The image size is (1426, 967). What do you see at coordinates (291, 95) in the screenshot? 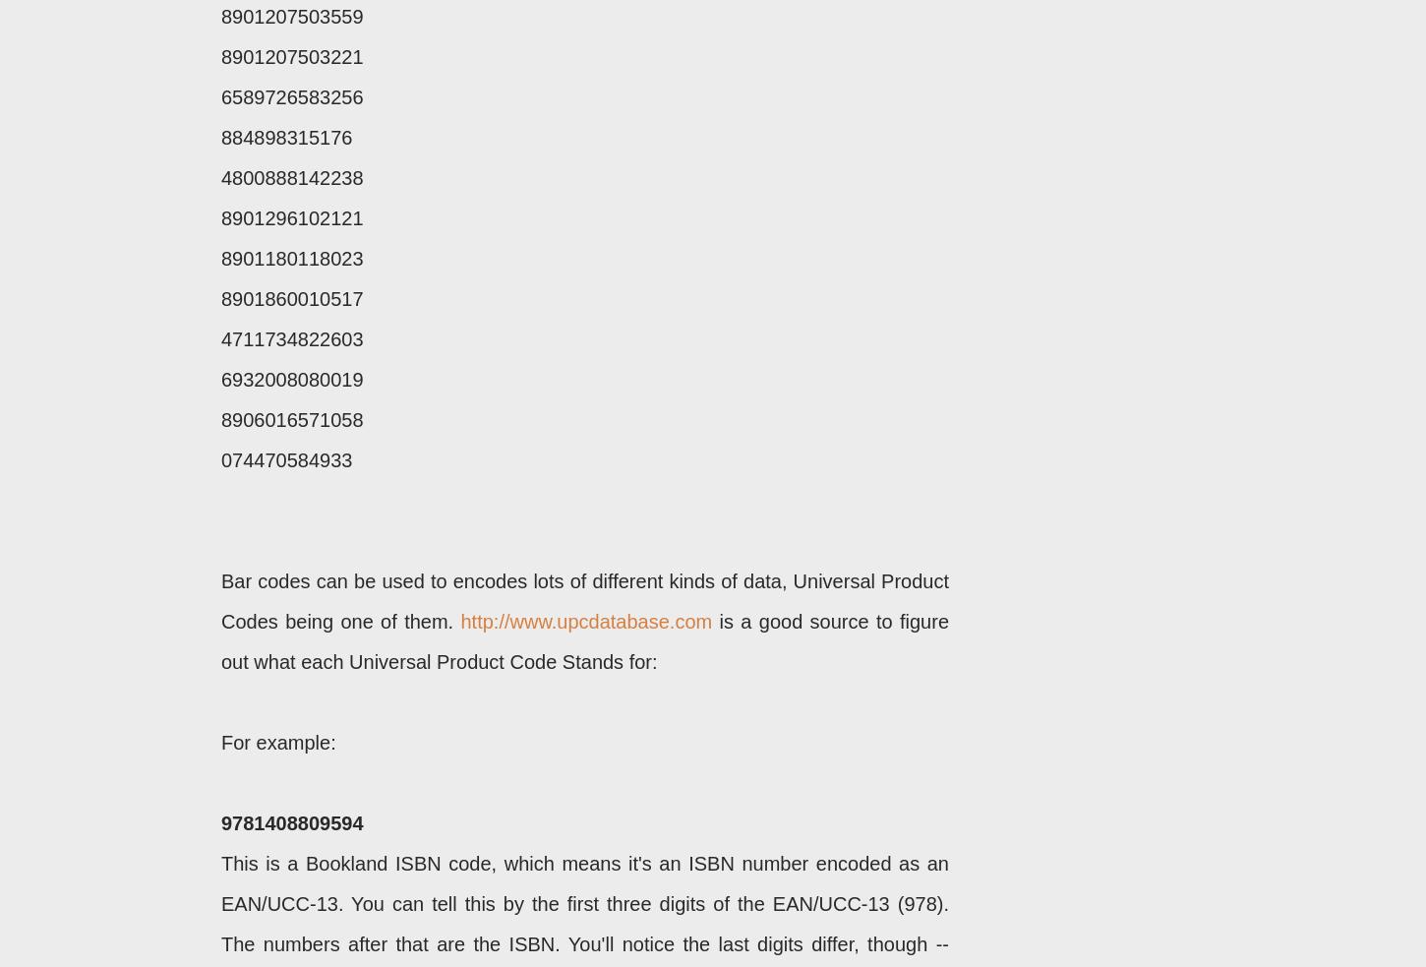
I see `'6589726583256'` at bounding box center [291, 95].